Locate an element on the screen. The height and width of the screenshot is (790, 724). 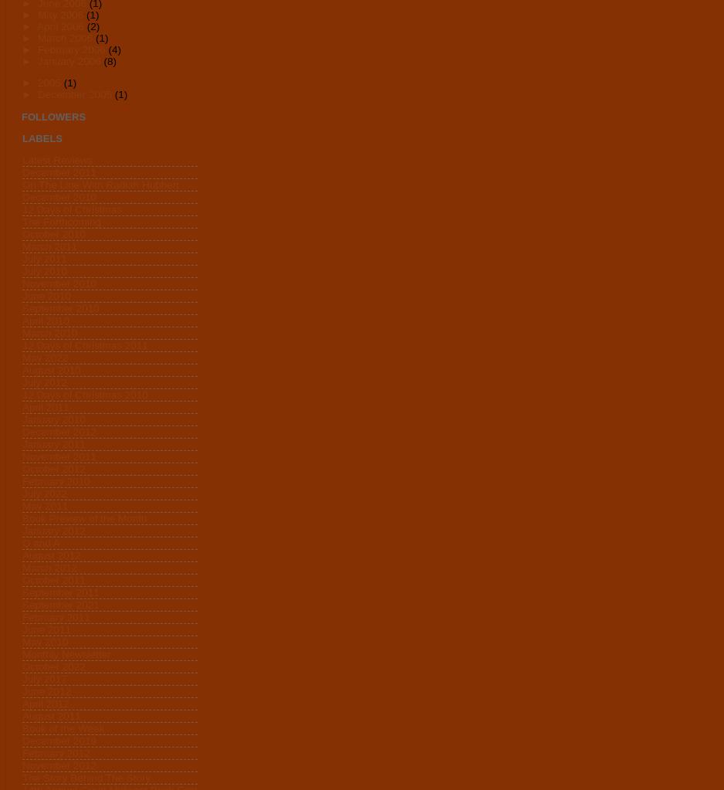
'February 2011' is located at coordinates (56, 617).